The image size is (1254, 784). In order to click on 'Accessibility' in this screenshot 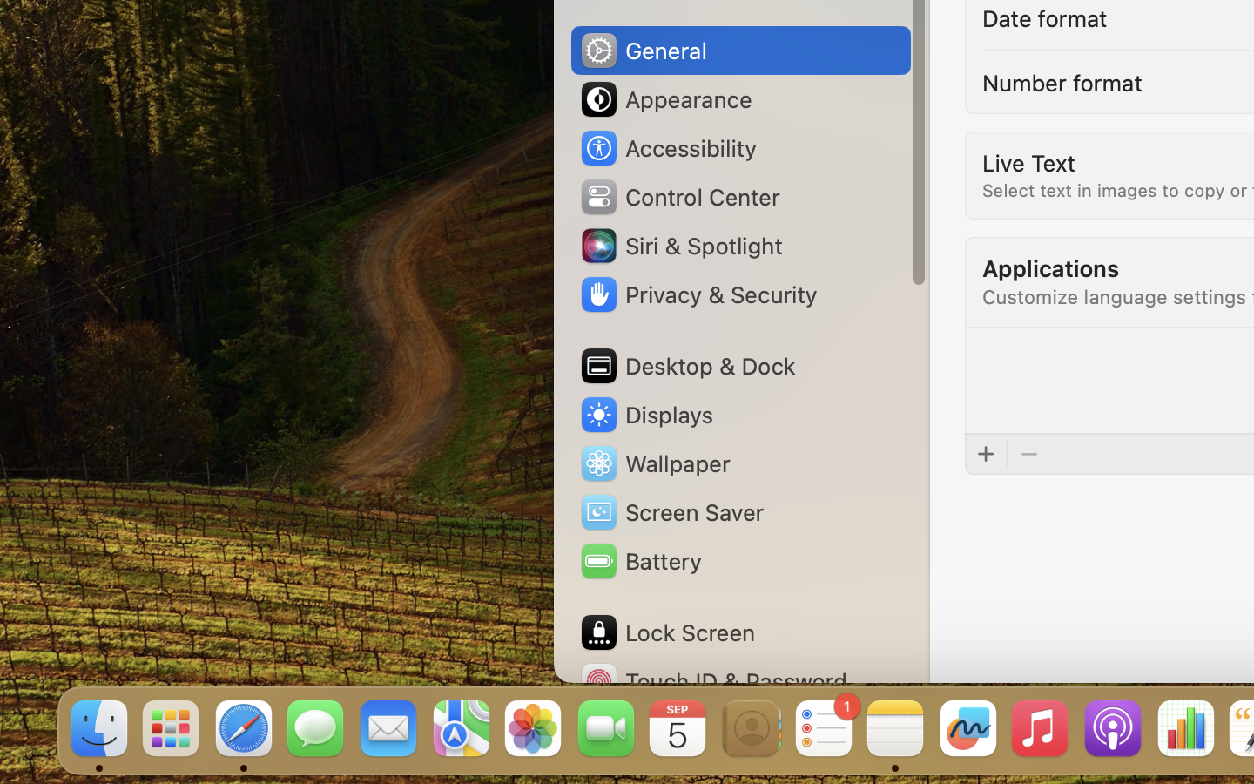, I will do `click(666, 148)`.